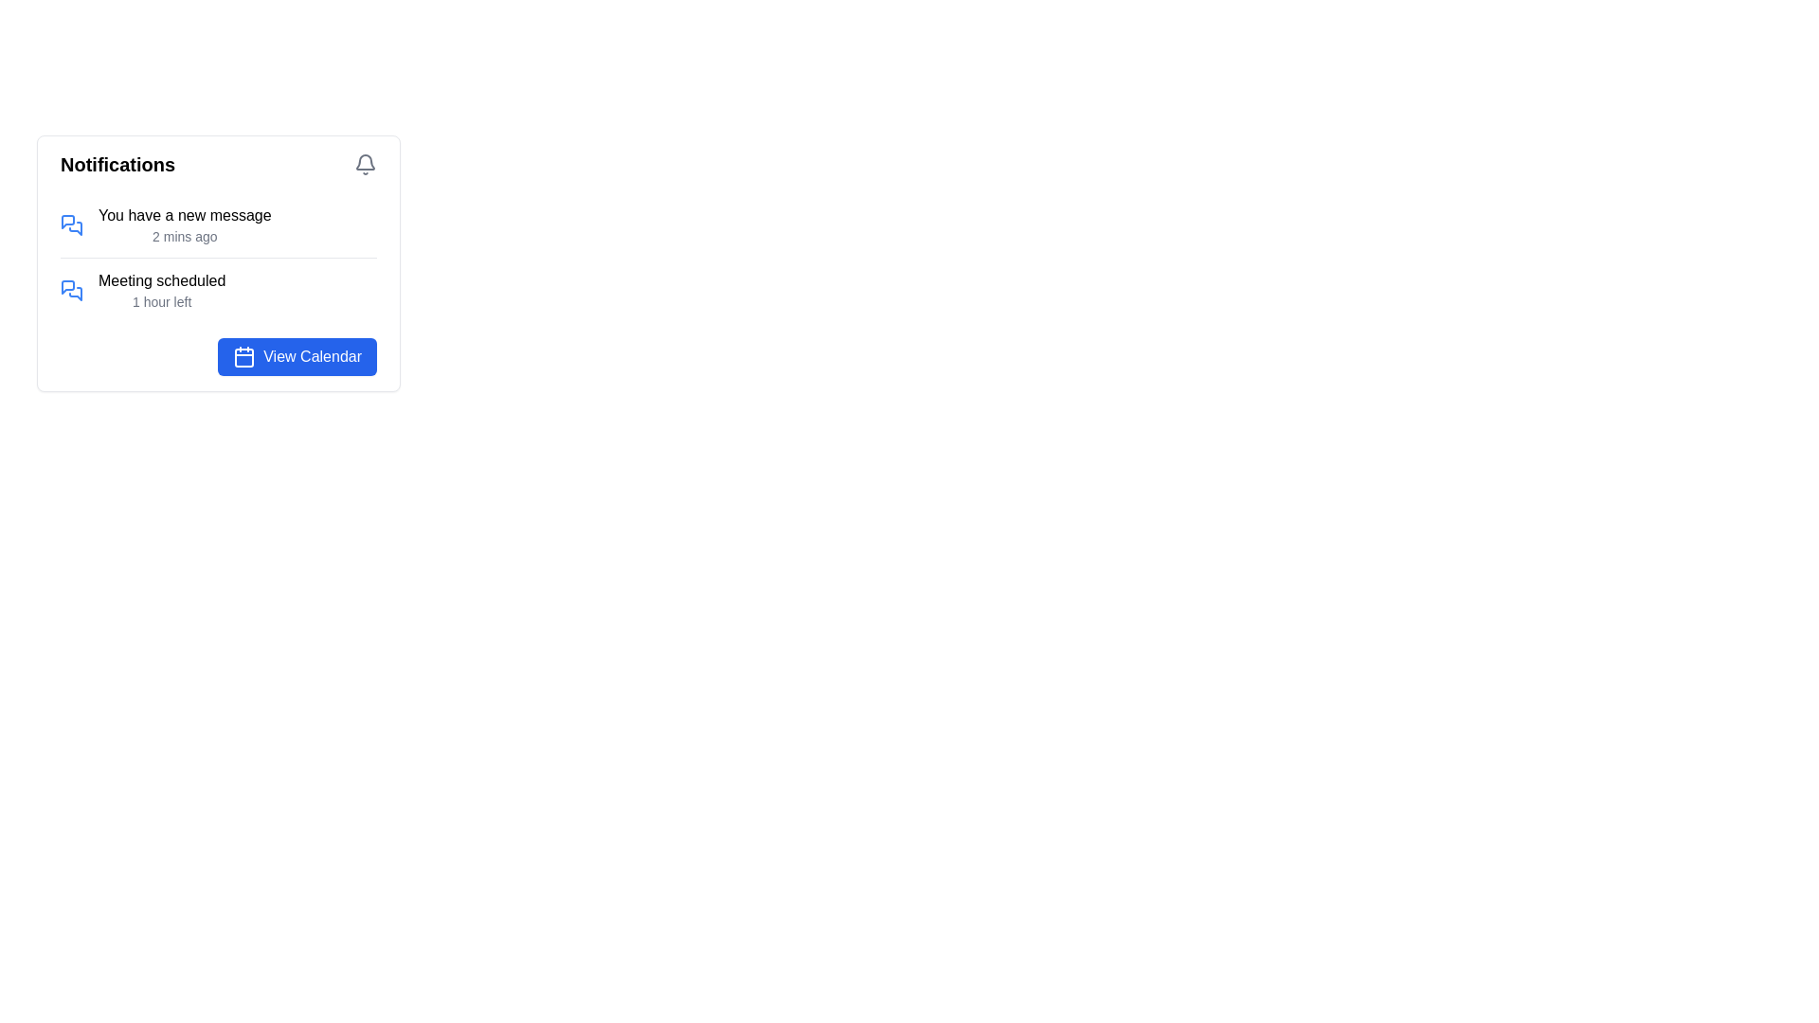 The height and width of the screenshot is (1023, 1819). What do you see at coordinates (365, 163) in the screenshot?
I see `the bell-shaped notification icon located near the upper-right corner of the Notifications section header to indicate the presence of new or pending notifications` at bounding box center [365, 163].